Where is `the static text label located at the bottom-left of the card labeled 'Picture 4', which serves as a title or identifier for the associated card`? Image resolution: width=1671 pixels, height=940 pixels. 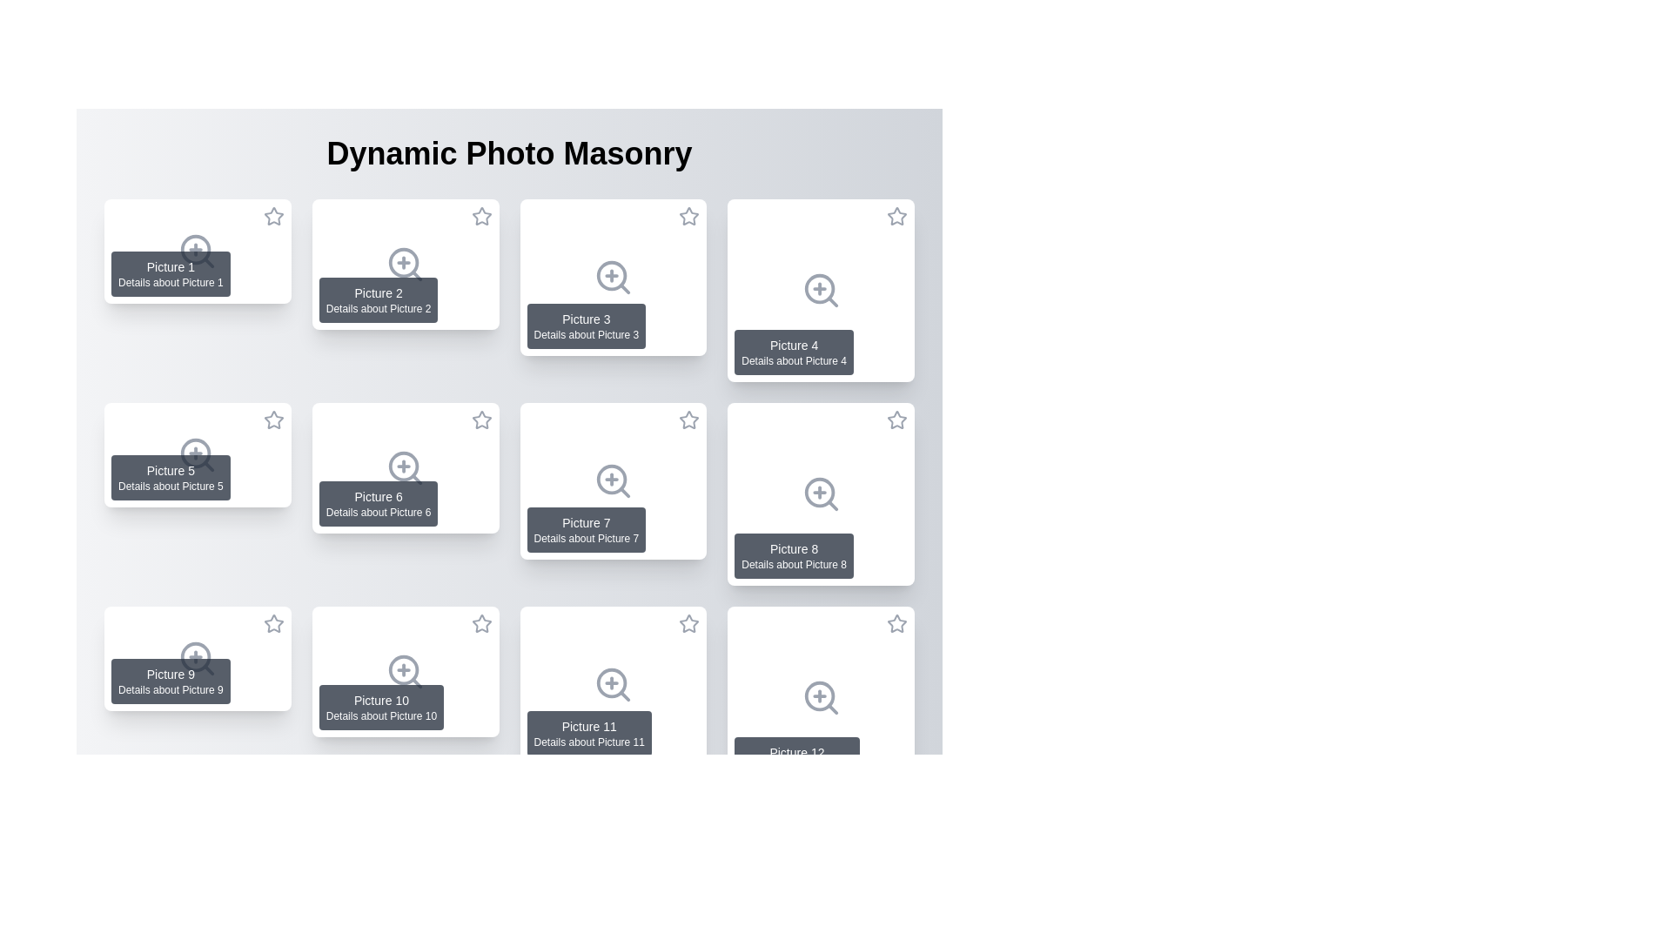 the static text label located at the bottom-left of the card labeled 'Picture 4', which serves as a title or identifier for the associated card is located at coordinates (793, 346).